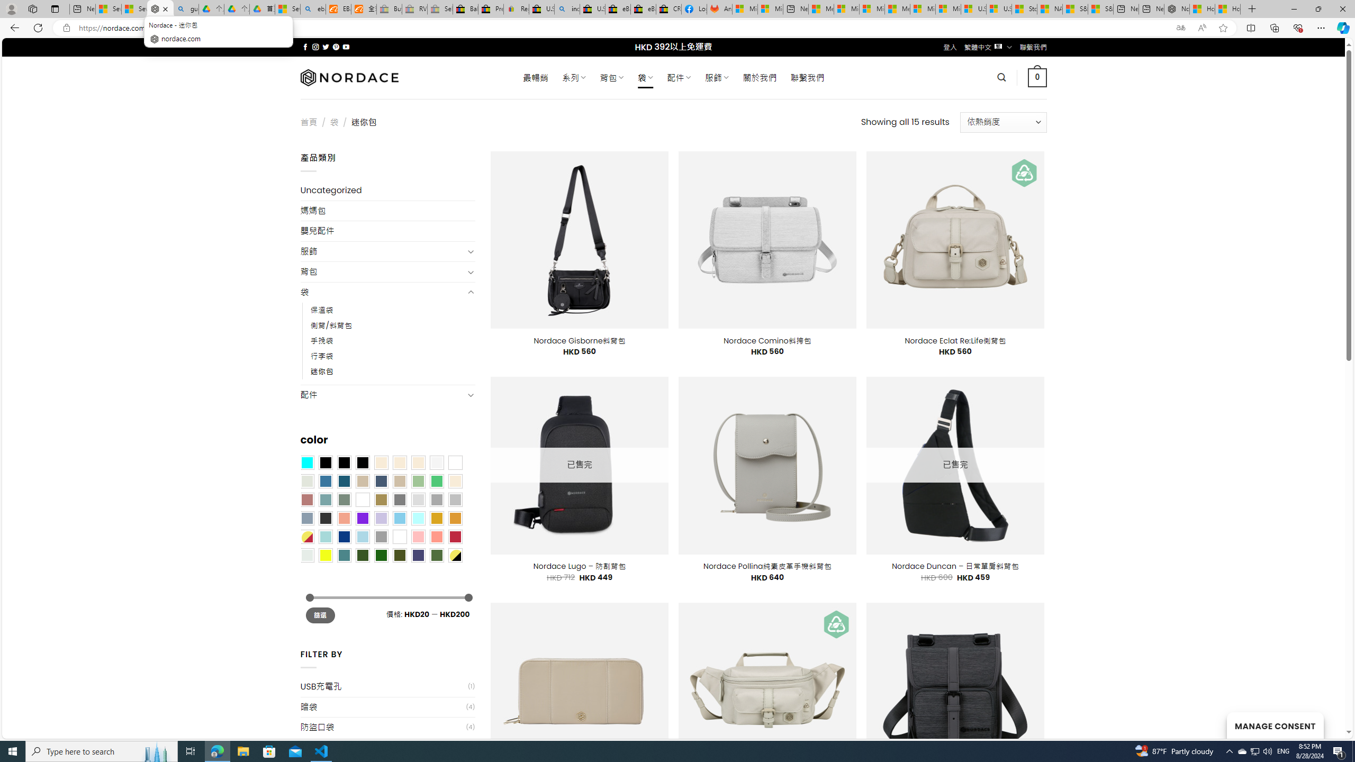  I want to click on 'Register: Create a personal eBay account', so click(516, 8).